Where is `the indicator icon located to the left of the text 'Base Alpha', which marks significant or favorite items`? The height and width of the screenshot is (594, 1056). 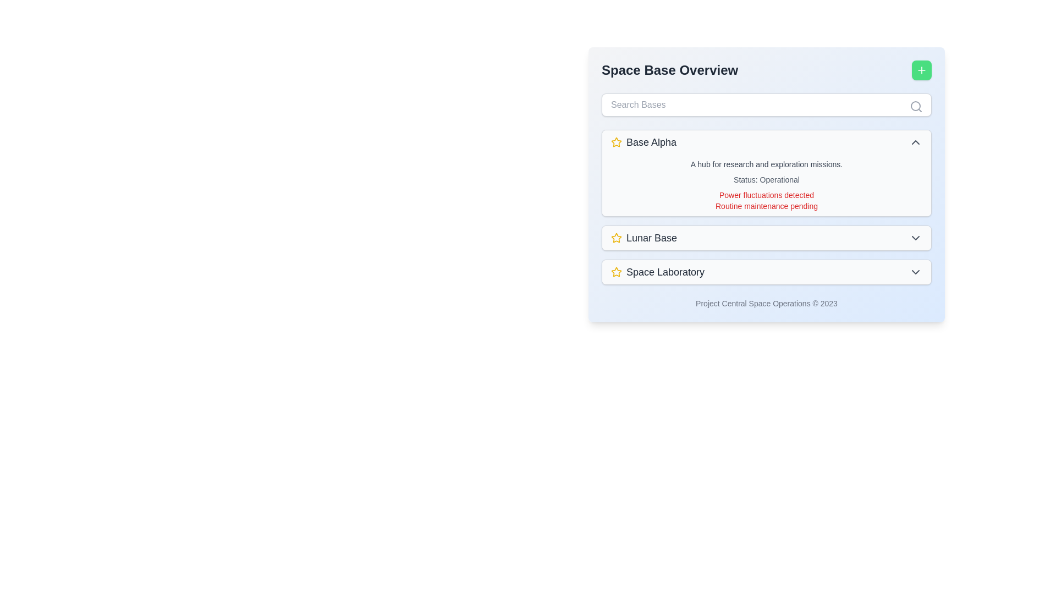
the indicator icon located to the left of the text 'Base Alpha', which marks significant or favorite items is located at coordinates (617, 141).